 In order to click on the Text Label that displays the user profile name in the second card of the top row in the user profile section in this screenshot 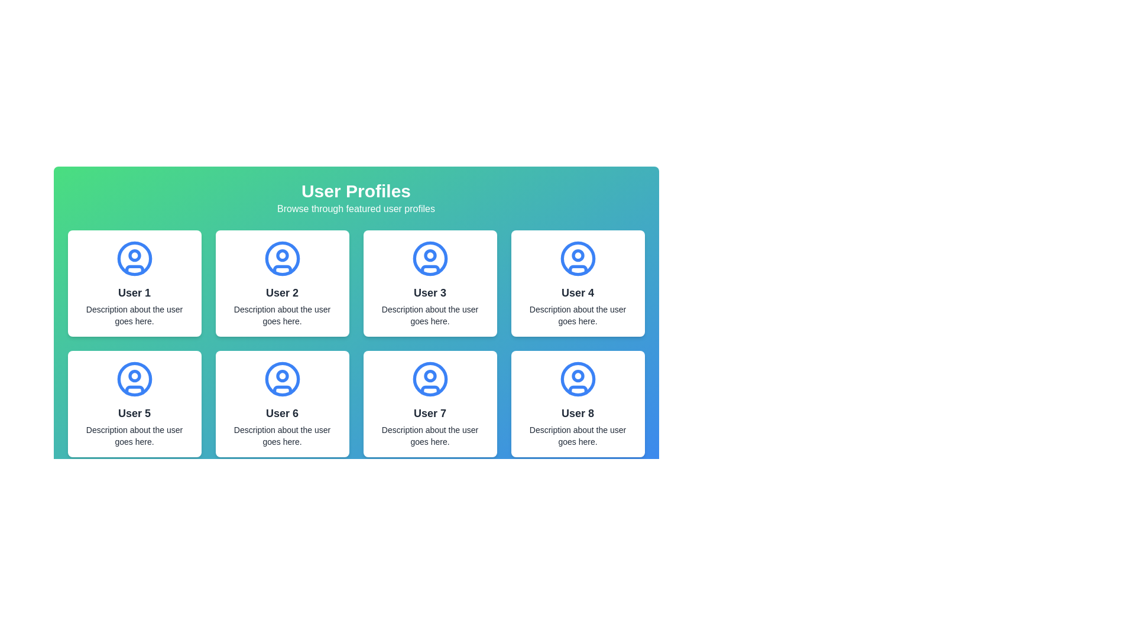, I will do `click(281, 292)`.